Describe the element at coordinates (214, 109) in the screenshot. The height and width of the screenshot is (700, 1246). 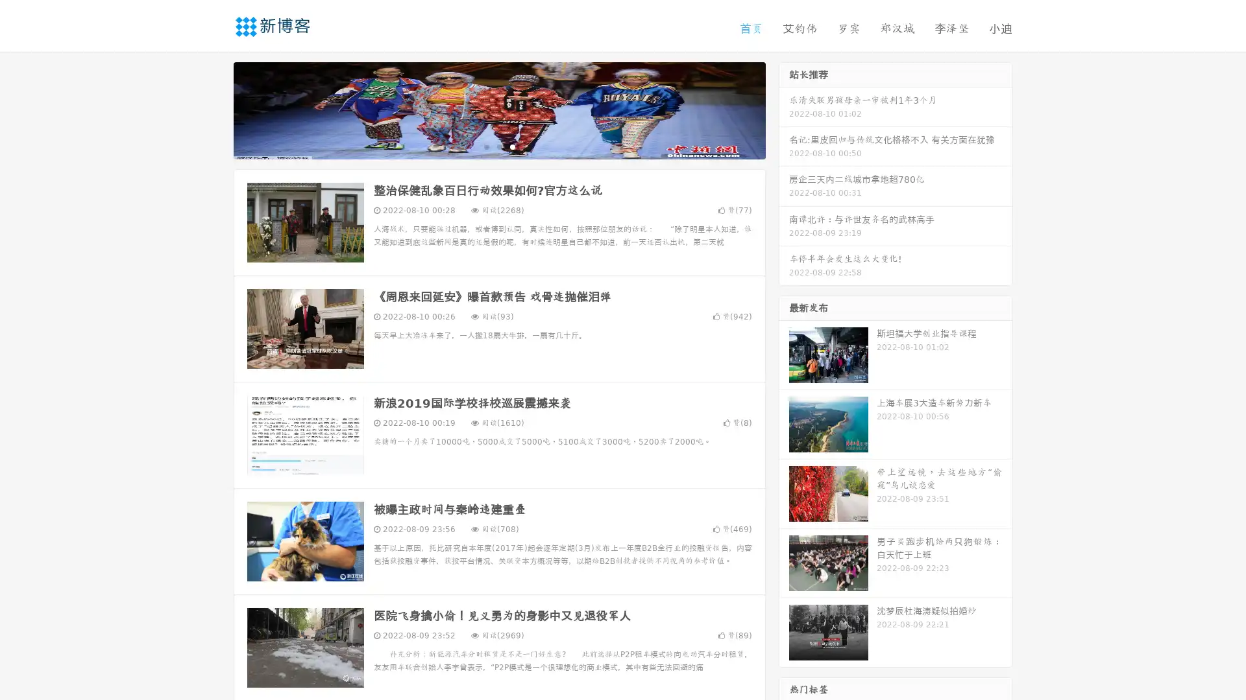
I see `Previous slide` at that location.